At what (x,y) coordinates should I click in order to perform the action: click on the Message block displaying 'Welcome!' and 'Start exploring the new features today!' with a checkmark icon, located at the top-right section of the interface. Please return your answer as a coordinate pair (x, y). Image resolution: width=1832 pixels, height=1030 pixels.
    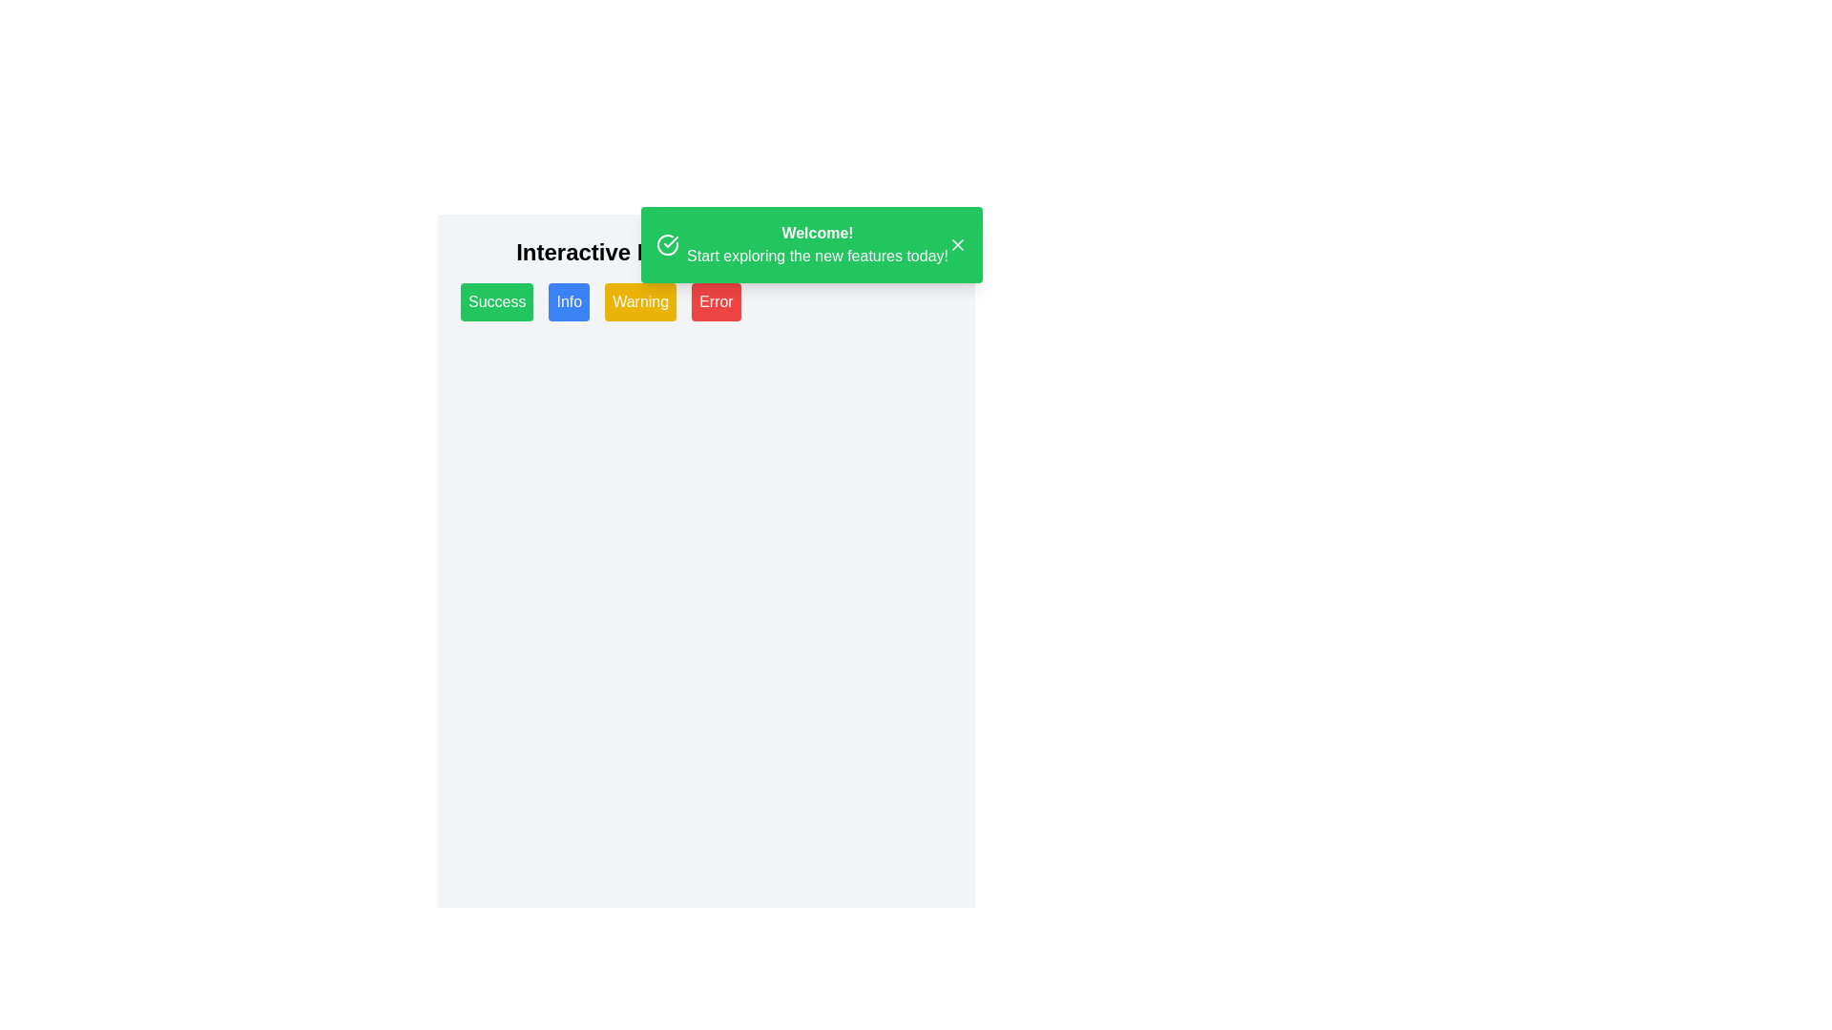
    Looking at the image, I should click on (801, 244).